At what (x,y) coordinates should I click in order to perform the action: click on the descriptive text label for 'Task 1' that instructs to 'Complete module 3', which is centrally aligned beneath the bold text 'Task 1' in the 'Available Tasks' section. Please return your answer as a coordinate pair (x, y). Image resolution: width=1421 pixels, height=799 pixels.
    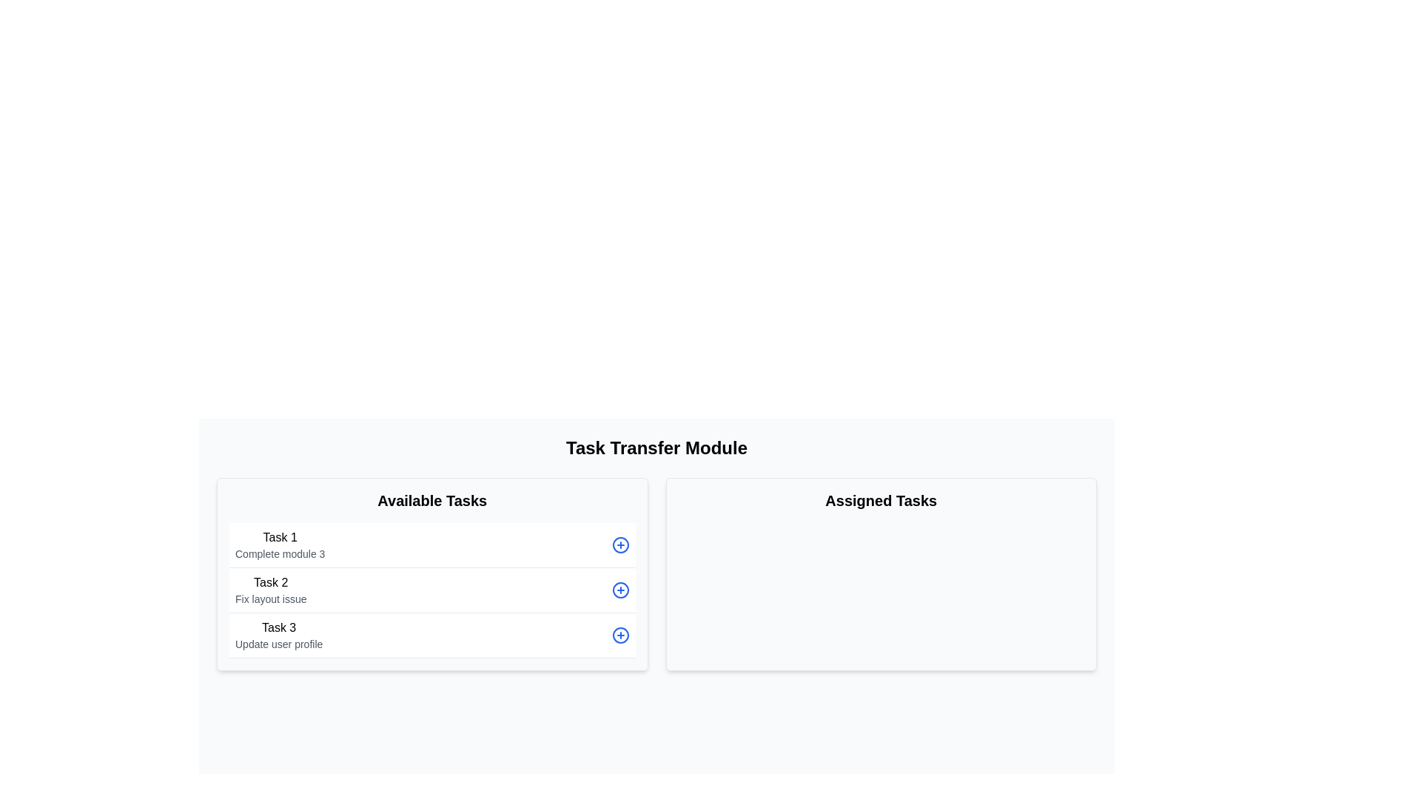
    Looking at the image, I should click on (280, 553).